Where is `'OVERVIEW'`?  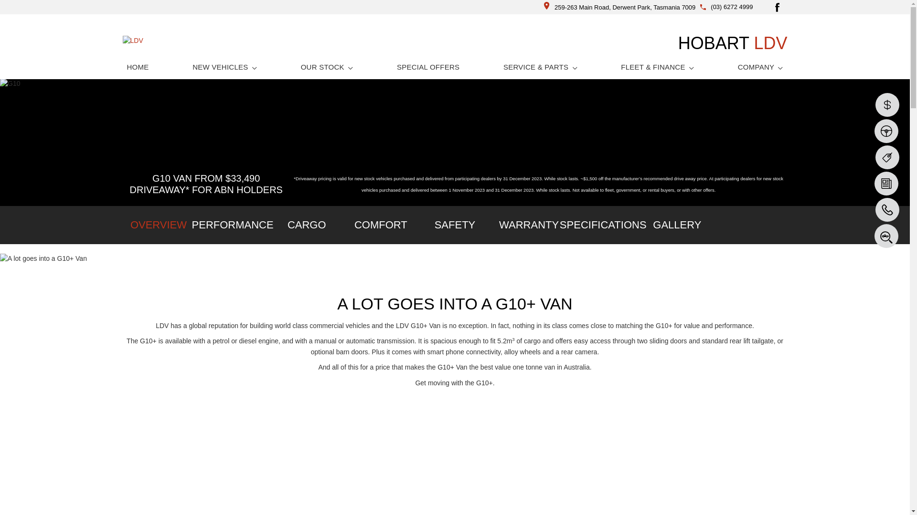 'OVERVIEW' is located at coordinates (158, 225).